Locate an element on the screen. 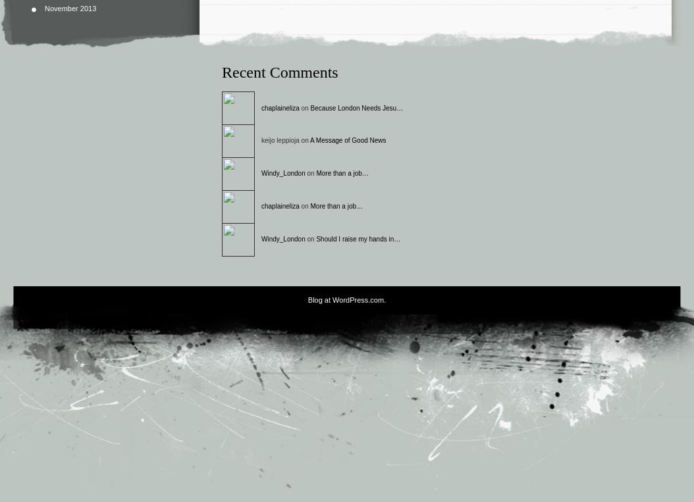  'Recent Comments' is located at coordinates (221, 72).